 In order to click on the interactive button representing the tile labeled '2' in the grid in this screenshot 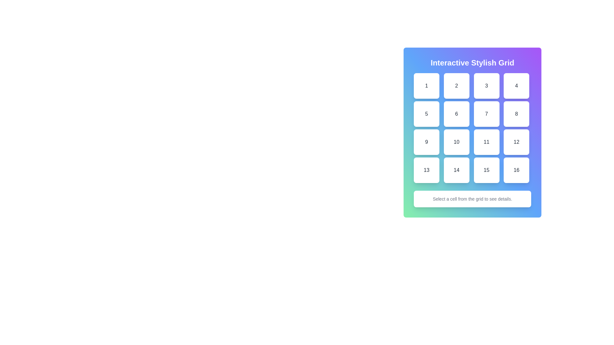, I will do `click(456, 86)`.